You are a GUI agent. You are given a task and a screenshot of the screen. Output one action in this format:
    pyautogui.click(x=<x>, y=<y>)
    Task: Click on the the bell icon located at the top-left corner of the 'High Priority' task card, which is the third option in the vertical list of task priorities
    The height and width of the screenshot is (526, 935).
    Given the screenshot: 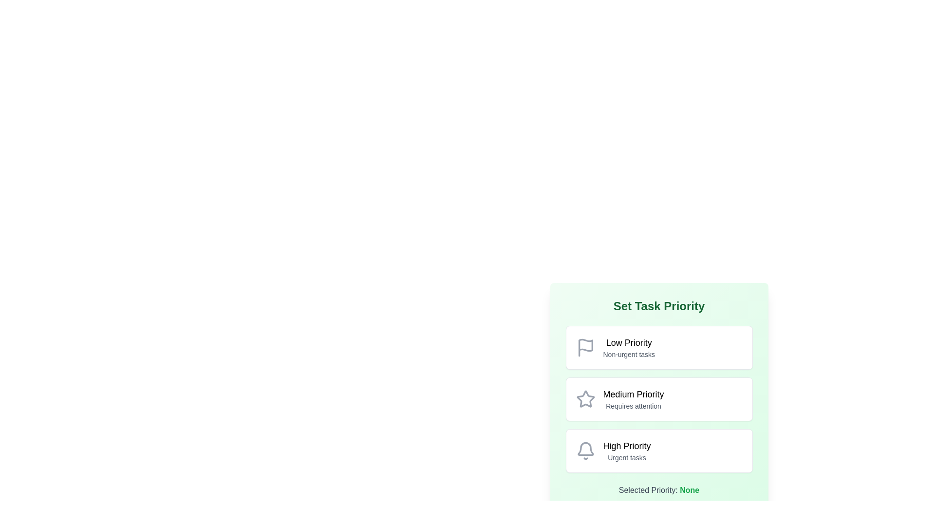 What is the action you would take?
    pyautogui.click(x=585, y=451)
    